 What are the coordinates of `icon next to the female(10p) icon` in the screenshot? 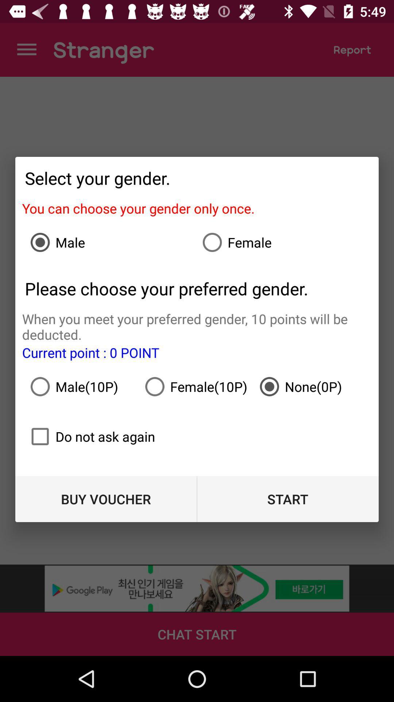 It's located at (312, 386).